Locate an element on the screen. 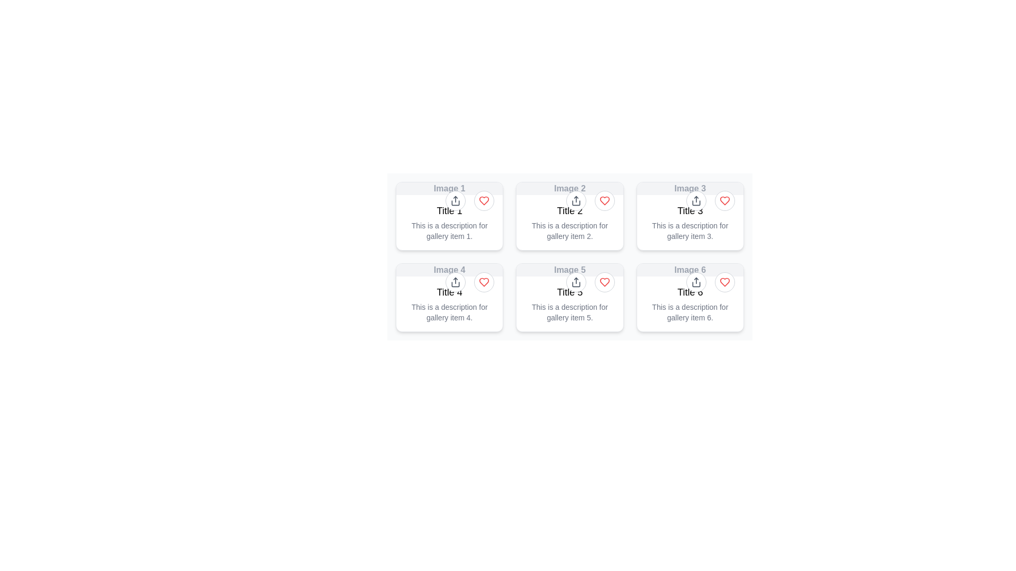 The image size is (1016, 571). the share button, which is the left circular button with an upward arrow icon, located in the upper-right corner of the card labeled 'Title 4' is located at coordinates (469, 281).